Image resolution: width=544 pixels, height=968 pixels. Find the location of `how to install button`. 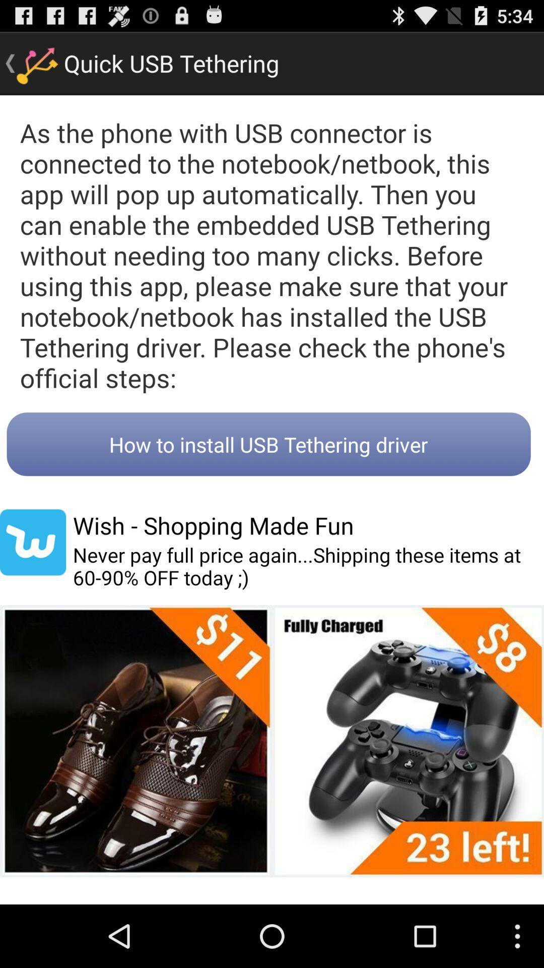

how to install button is located at coordinates (268, 444).